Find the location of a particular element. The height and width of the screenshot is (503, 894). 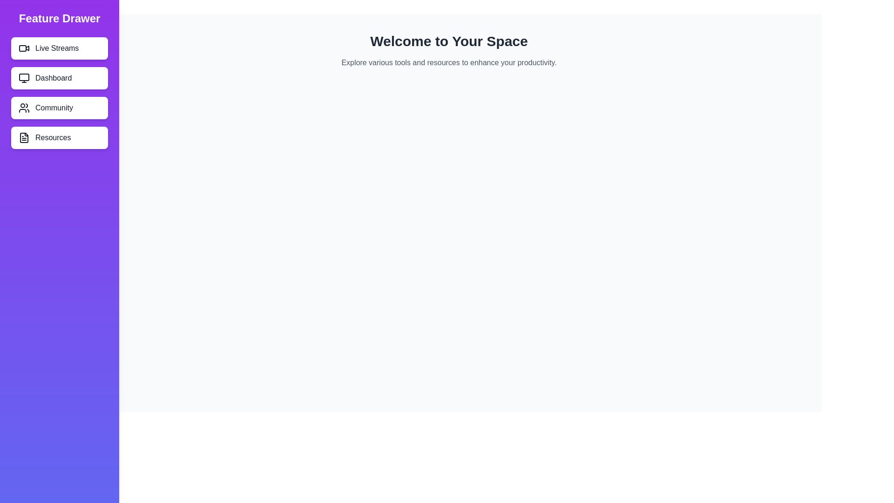

the 'Resources' button is located at coordinates (59, 138).